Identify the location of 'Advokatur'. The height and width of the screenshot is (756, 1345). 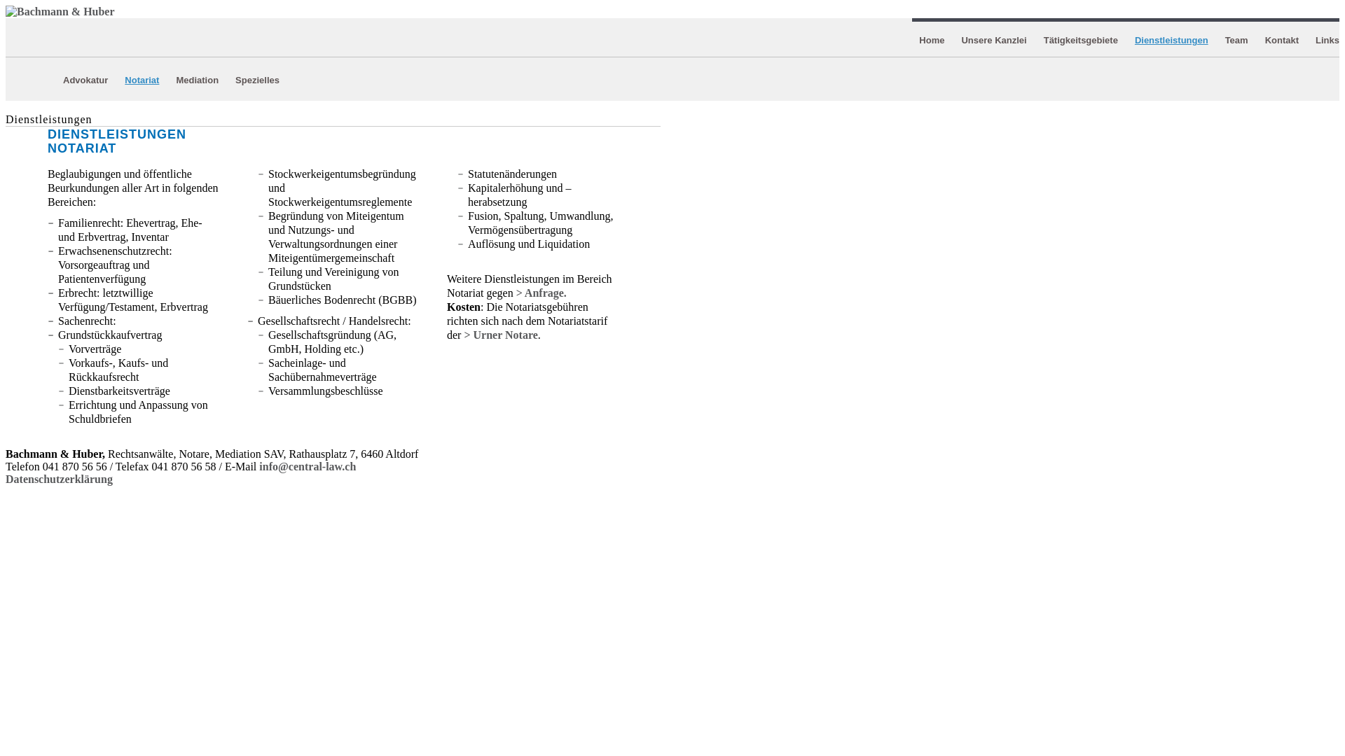
(84, 80).